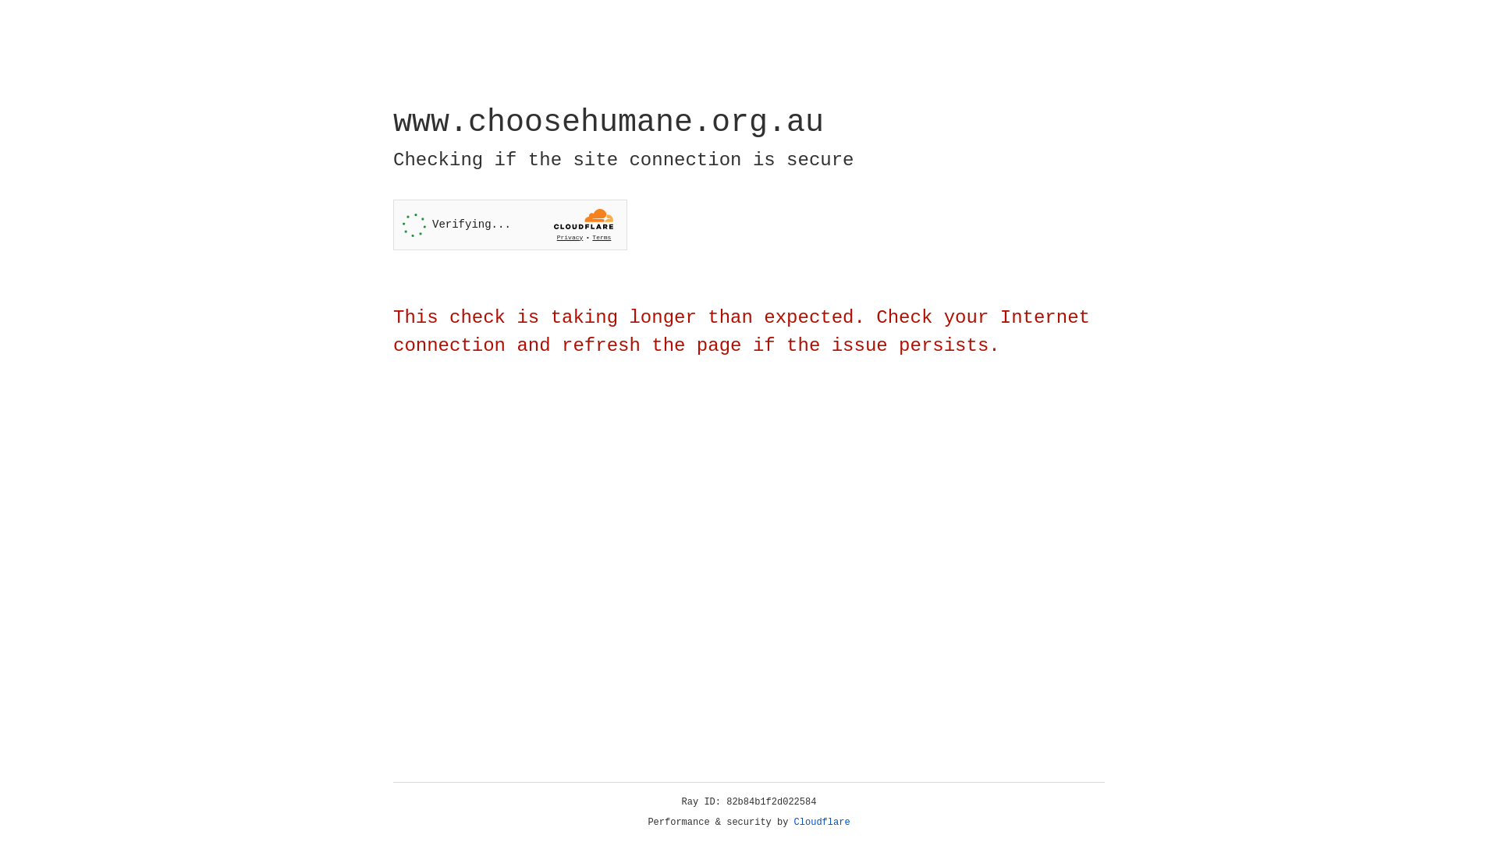  What do you see at coordinates (509, 225) in the screenshot?
I see `'Widget containing a Cloudflare security challenge'` at bounding box center [509, 225].